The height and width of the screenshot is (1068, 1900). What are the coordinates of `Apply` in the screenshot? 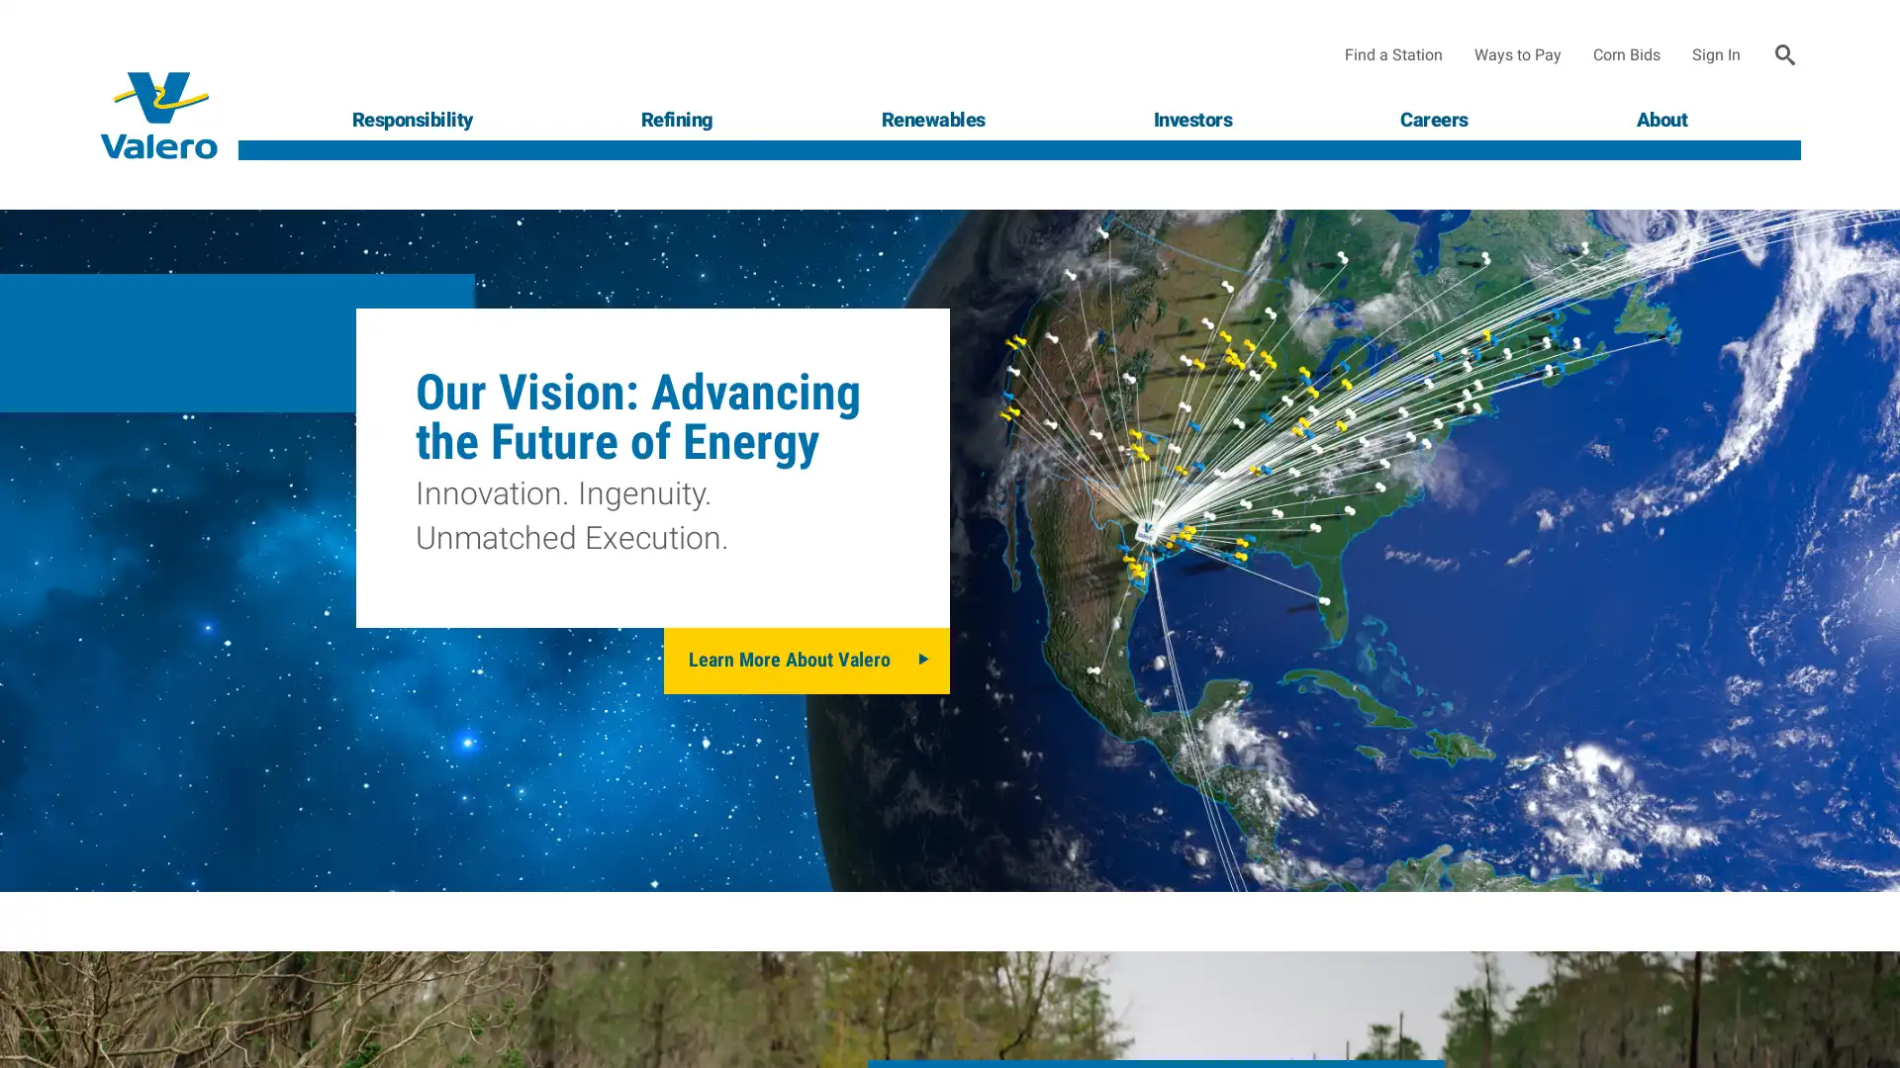 It's located at (1785, 54).